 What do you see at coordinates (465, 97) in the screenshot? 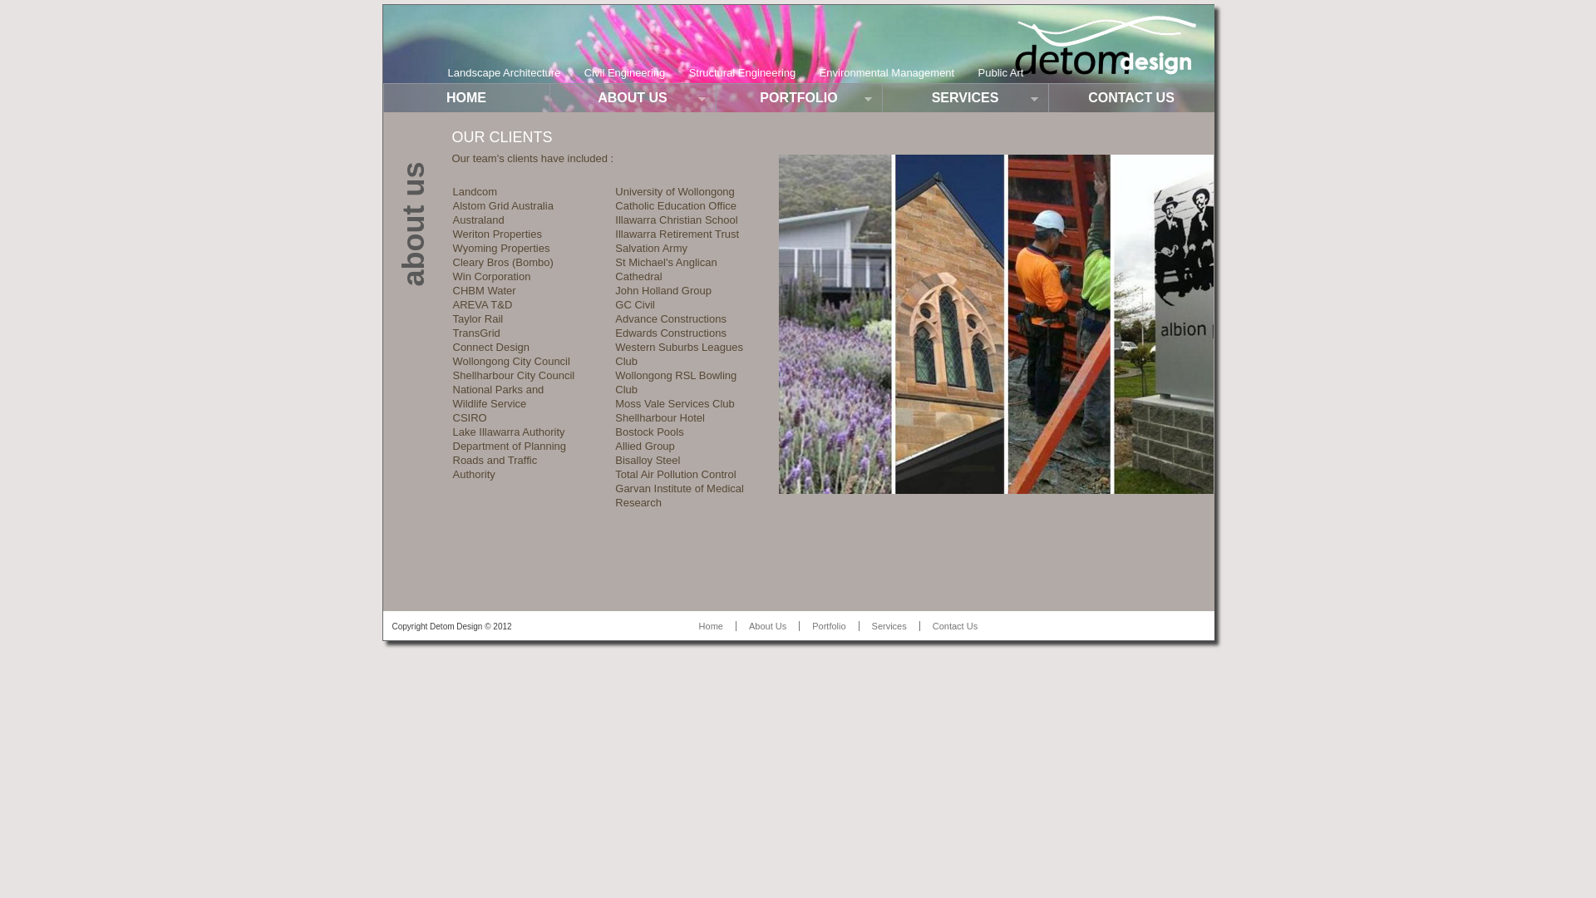
I see `'HOME'` at bounding box center [465, 97].